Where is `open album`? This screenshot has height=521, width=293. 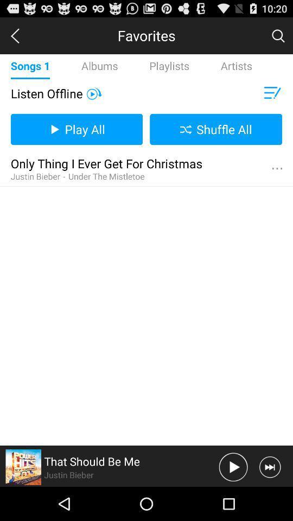 open album is located at coordinates (23, 466).